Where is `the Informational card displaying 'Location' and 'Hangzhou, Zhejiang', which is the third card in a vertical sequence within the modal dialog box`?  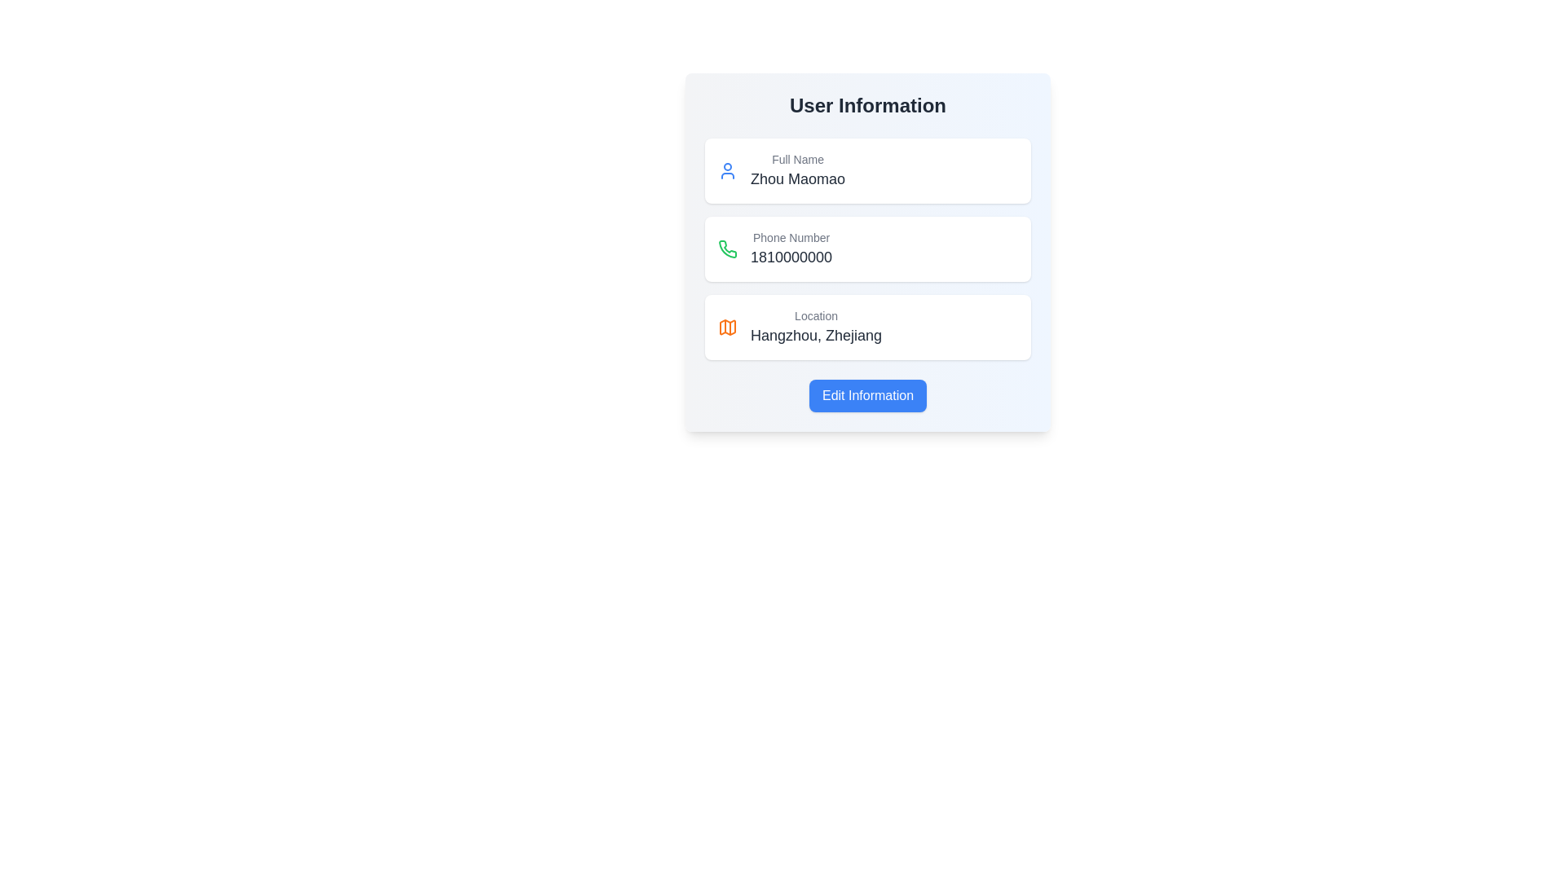 the Informational card displaying 'Location' and 'Hangzhou, Zhejiang', which is the third card in a vertical sequence within the modal dialog box is located at coordinates (867, 327).